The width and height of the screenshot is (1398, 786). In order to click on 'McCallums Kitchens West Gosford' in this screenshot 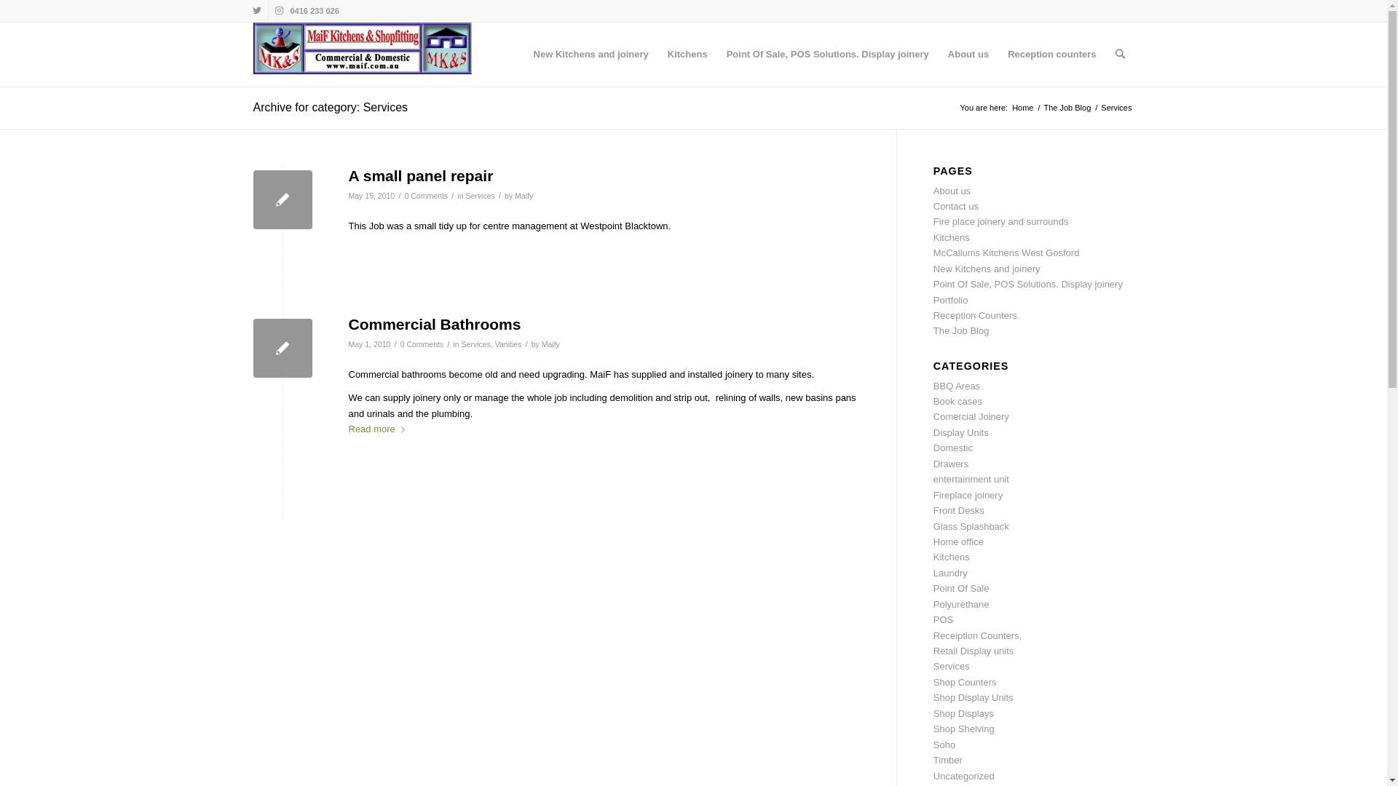, I will do `click(933, 252)`.